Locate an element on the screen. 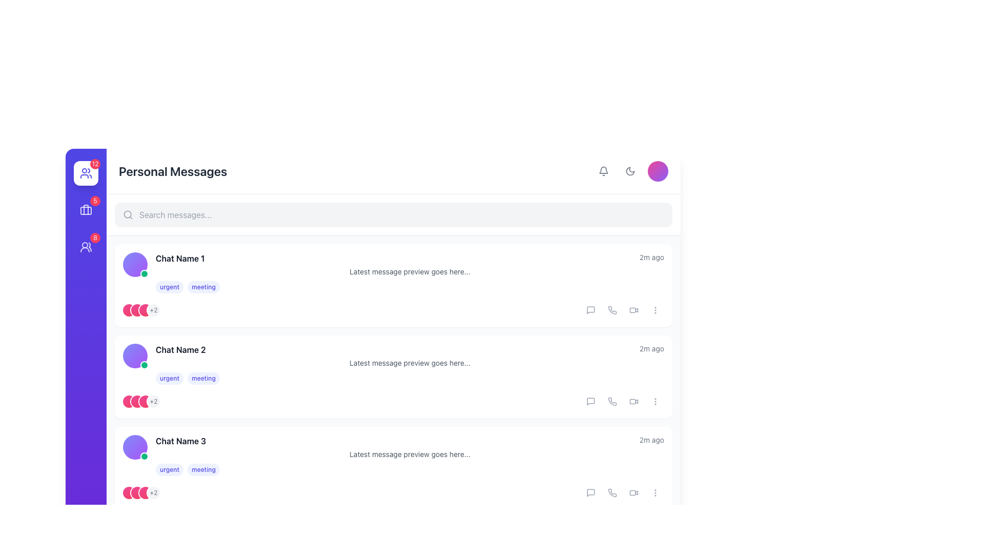 The height and width of the screenshot is (554, 984). the video icon, a modern styled icon with a rectangular camera body and trapezoid lens, to initiate a video call is located at coordinates (633, 310).